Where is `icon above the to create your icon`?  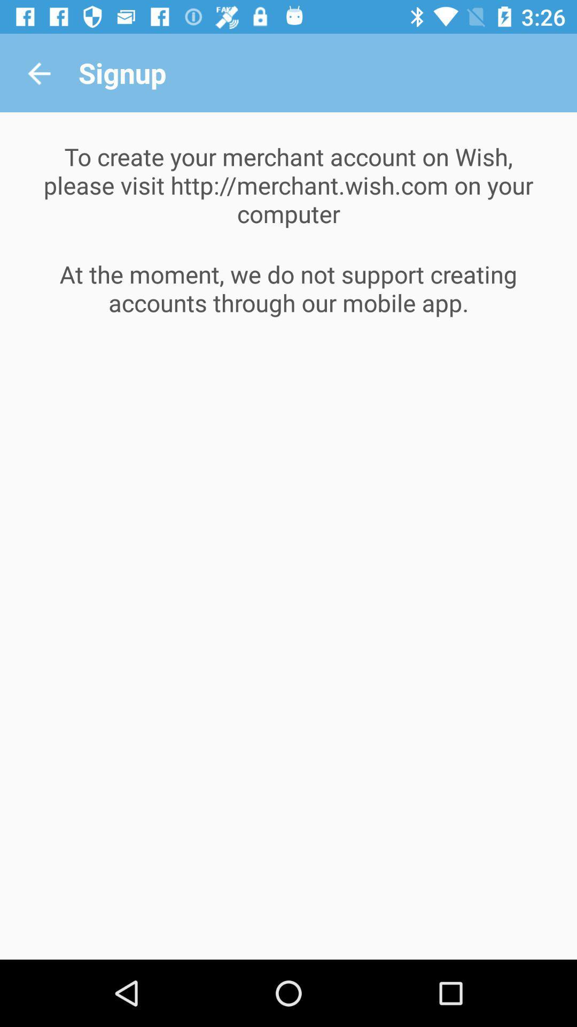 icon above the to create your icon is located at coordinates (38, 72).